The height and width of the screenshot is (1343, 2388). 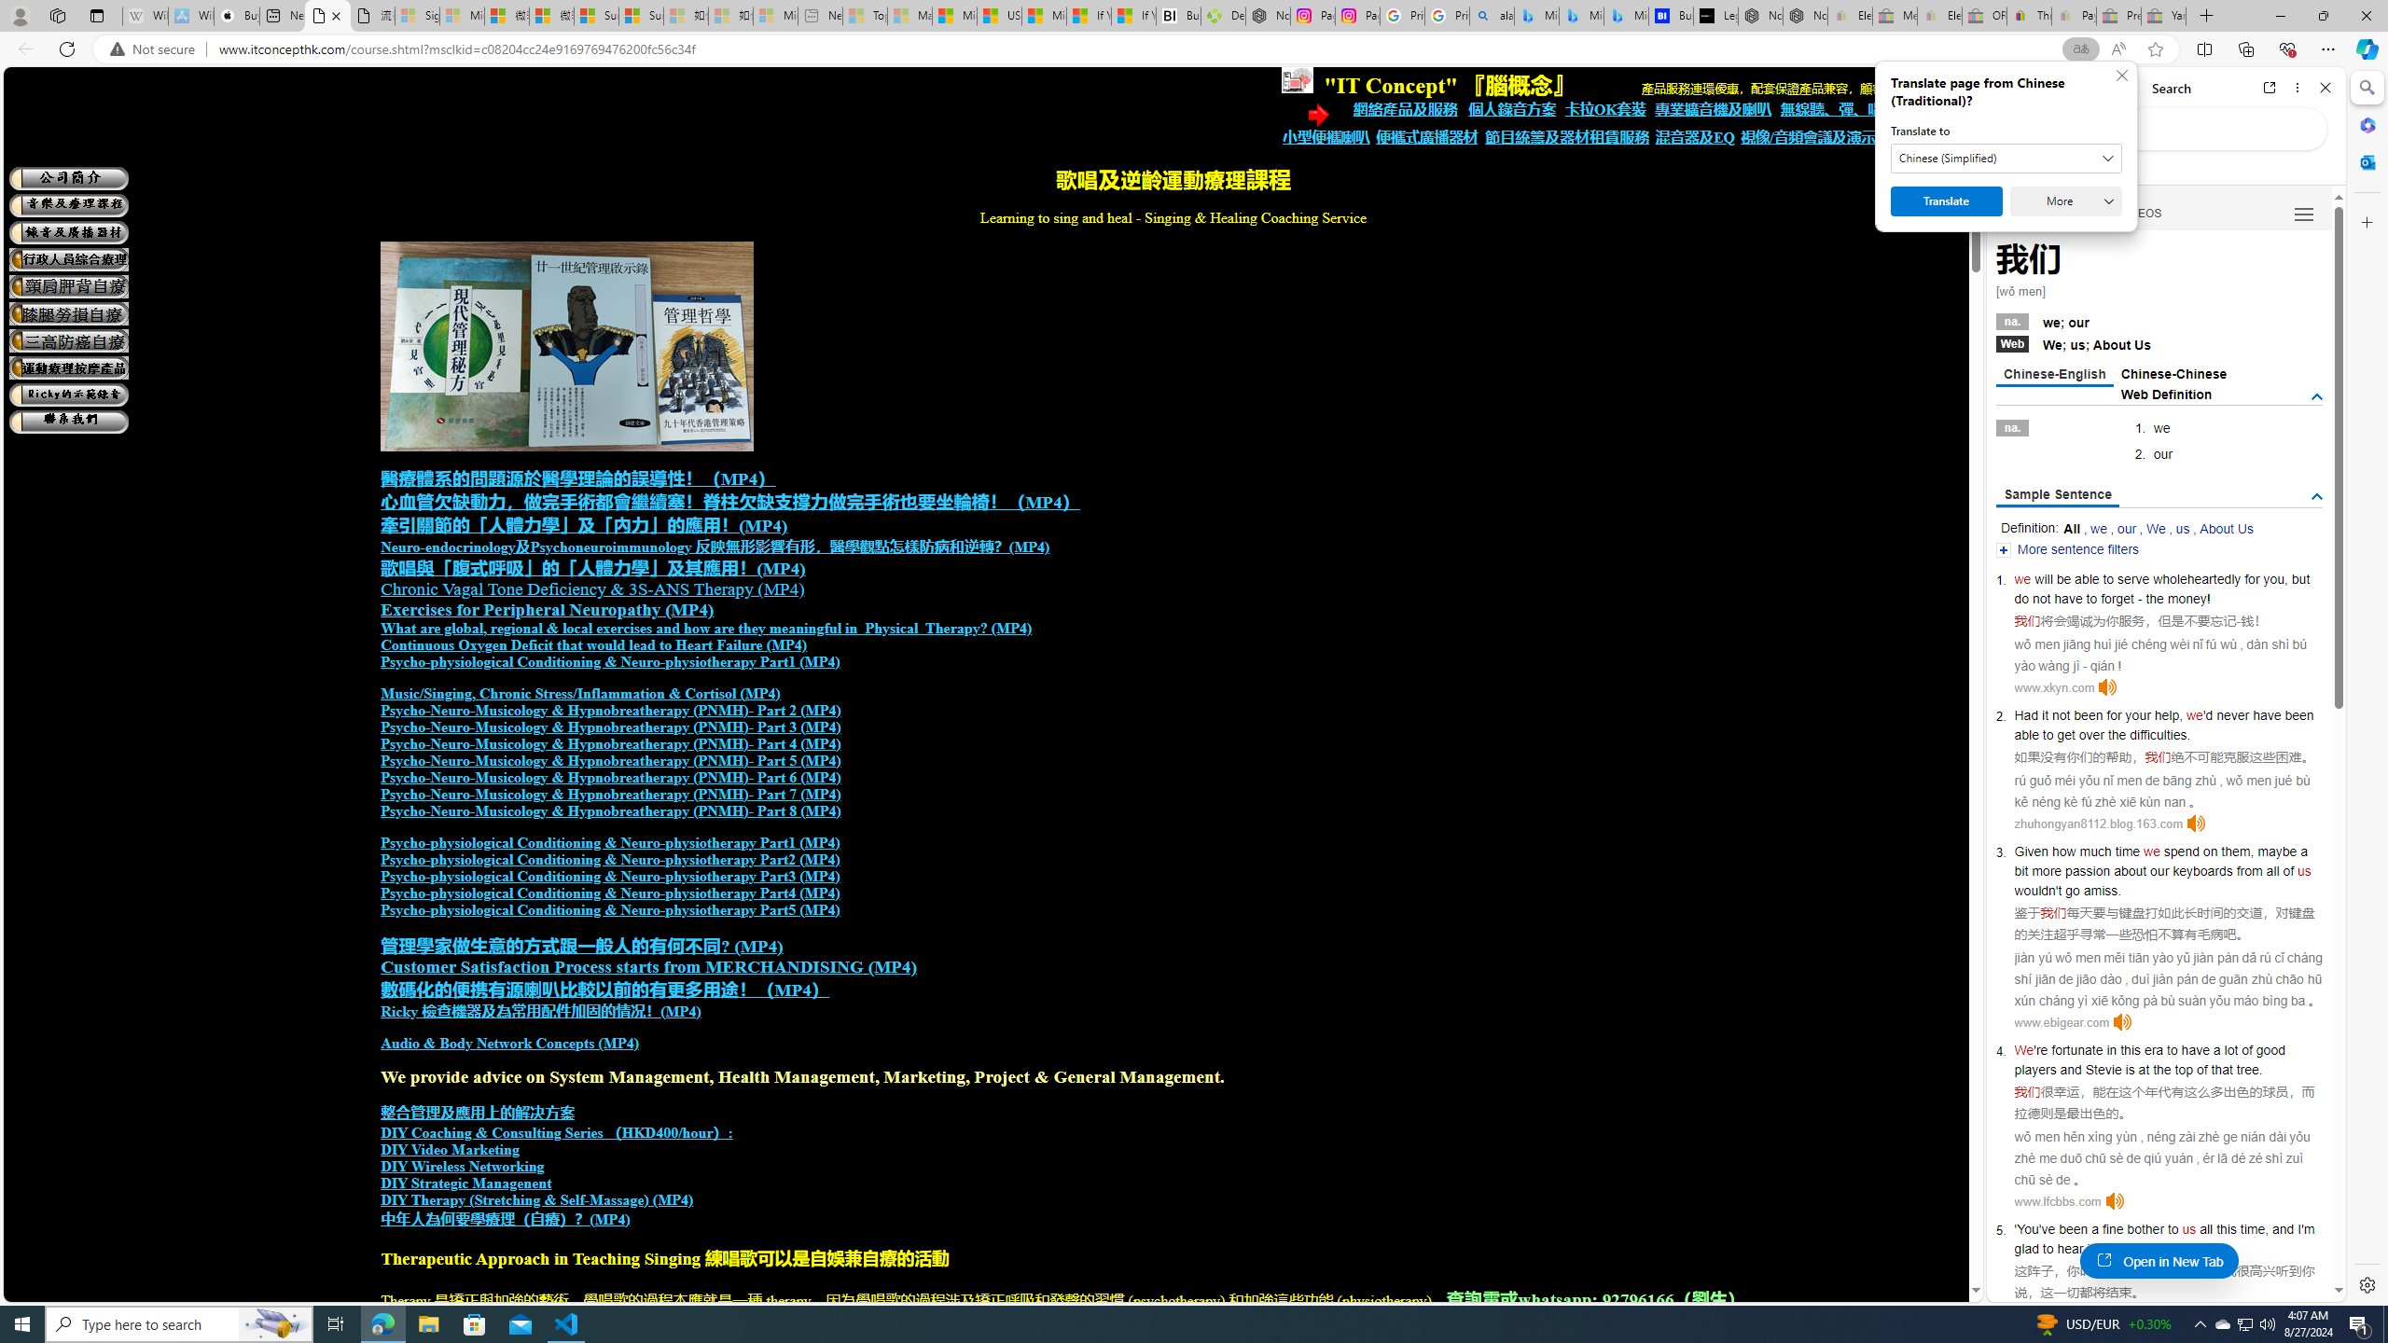 I want to click on 'Audio & Body Network Concepts (MP4)', so click(x=509, y=1043).